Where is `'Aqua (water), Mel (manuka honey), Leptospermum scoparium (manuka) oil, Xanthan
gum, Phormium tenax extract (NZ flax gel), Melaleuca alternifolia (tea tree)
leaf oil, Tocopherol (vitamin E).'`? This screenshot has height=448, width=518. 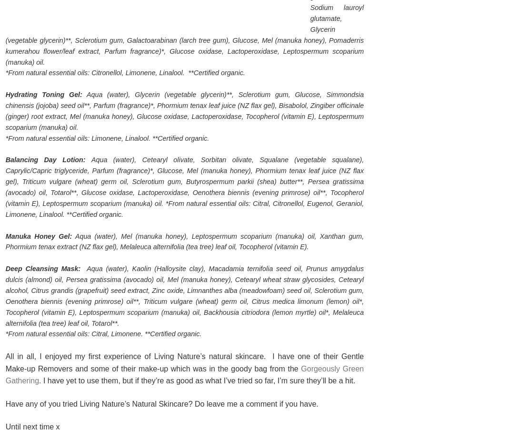
'Aqua (water), Mel (manuka honey), Leptospermum scoparium (manuka) oil, Xanthan
gum, Phormium tenax extract (NZ flax gel), Melaleuca alternifolia (tea tree)
leaf oil, Tocopherol (vitamin E).' is located at coordinates (5, 241).